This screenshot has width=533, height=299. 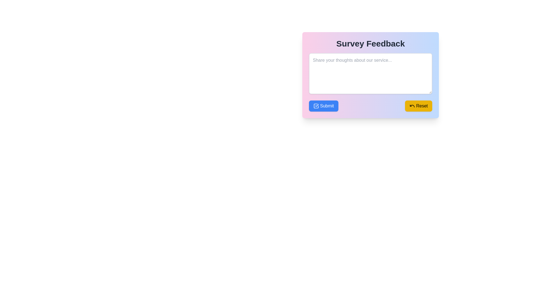 I want to click on to highlight text in the rectangular input text area with rounded corners located below the 'Survey Feedback' heading, so click(x=370, y=73).